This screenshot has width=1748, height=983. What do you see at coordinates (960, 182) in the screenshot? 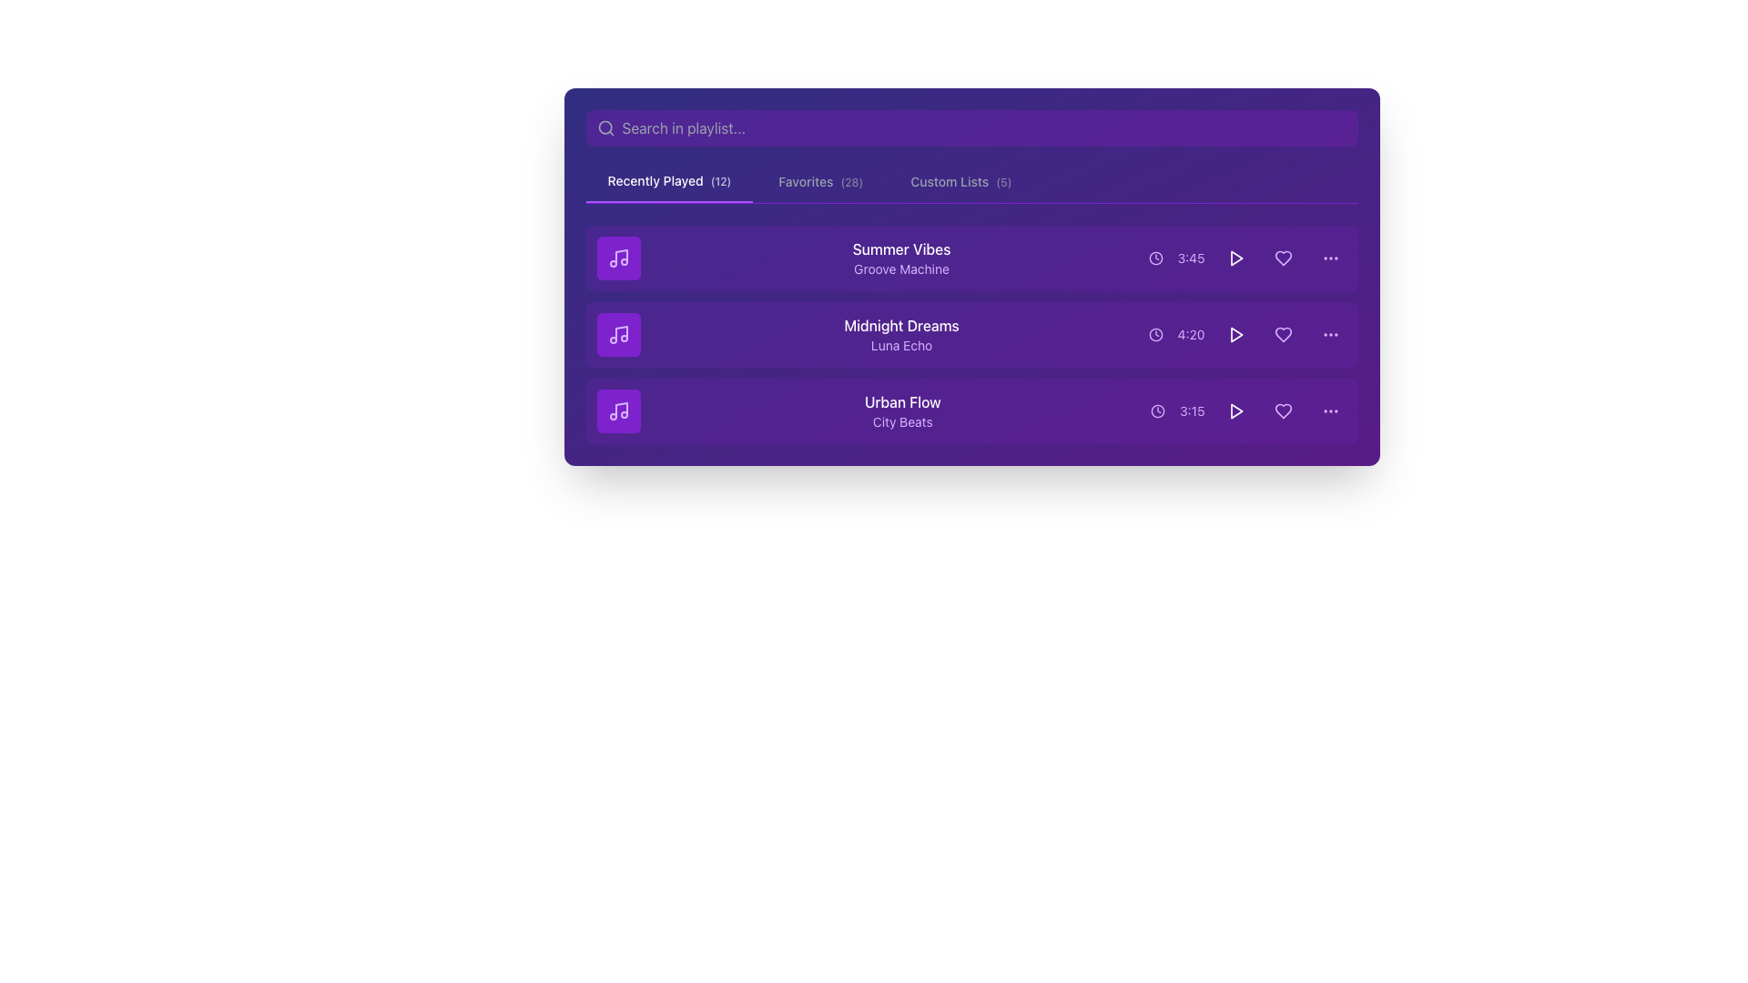
I see `the Interactive Label or Button reading 'Custom Lists(5)'` at bounding box center [960, 182].